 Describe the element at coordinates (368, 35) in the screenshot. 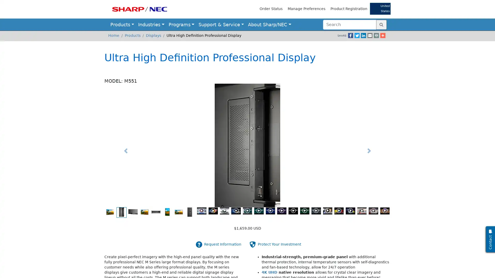

I see `Share to Print` at that location.